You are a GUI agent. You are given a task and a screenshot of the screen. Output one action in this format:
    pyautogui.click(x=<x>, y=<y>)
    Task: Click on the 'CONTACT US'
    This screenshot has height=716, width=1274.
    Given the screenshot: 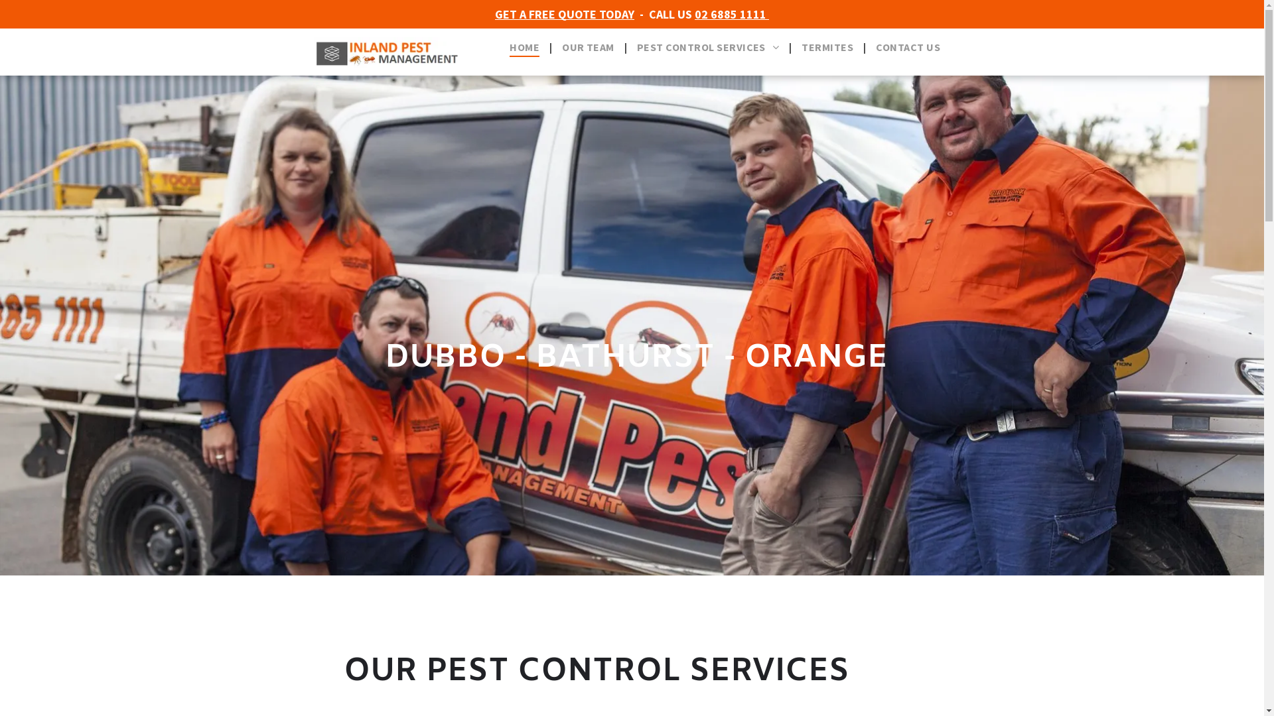 What is the action you would take?
    pyautogui.click(x=907, y=46)
    